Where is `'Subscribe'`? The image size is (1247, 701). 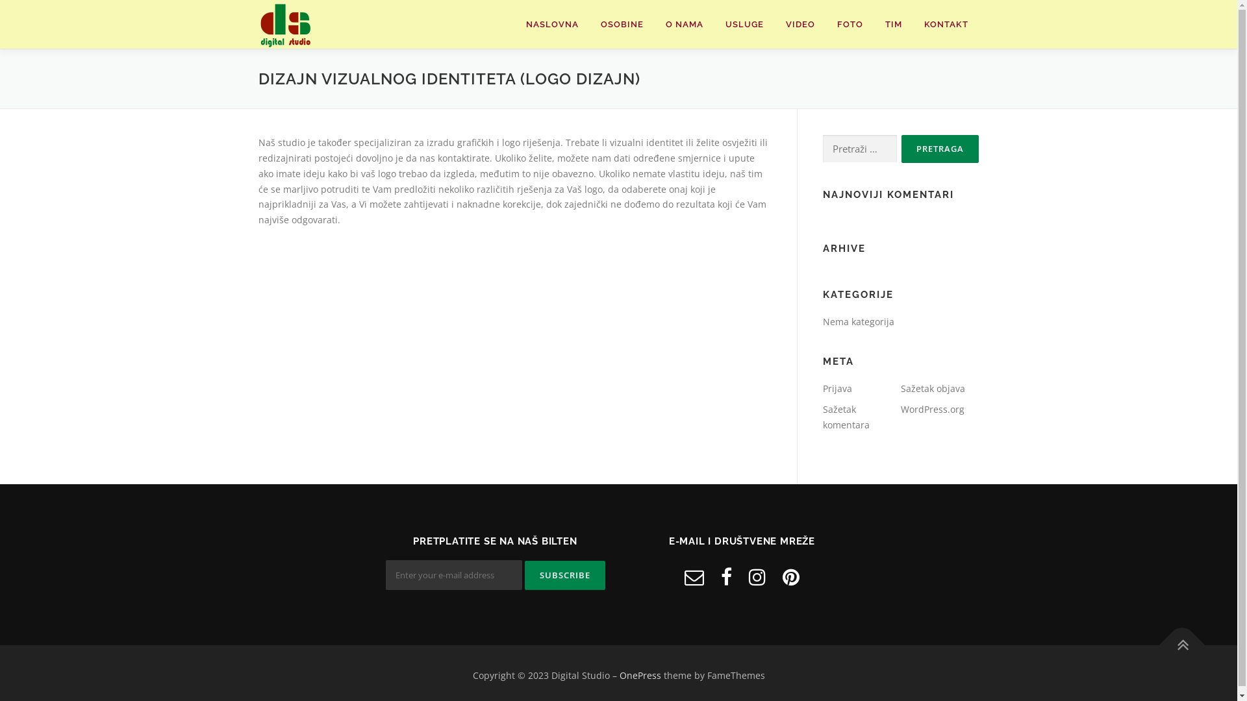
'Subscribe' is located at coordinates (564, 574).